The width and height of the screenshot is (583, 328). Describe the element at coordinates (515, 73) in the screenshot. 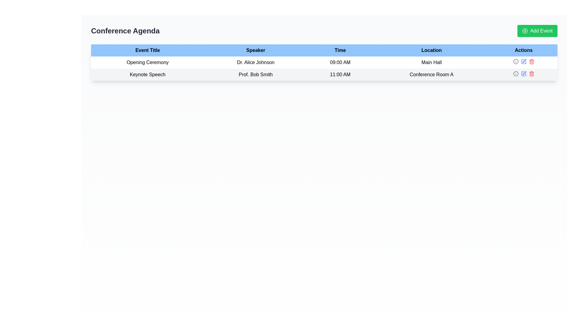

I see `the circular information icon in the 'Actions' column for the 'Conference Room A' row to change its visual state` at that location.